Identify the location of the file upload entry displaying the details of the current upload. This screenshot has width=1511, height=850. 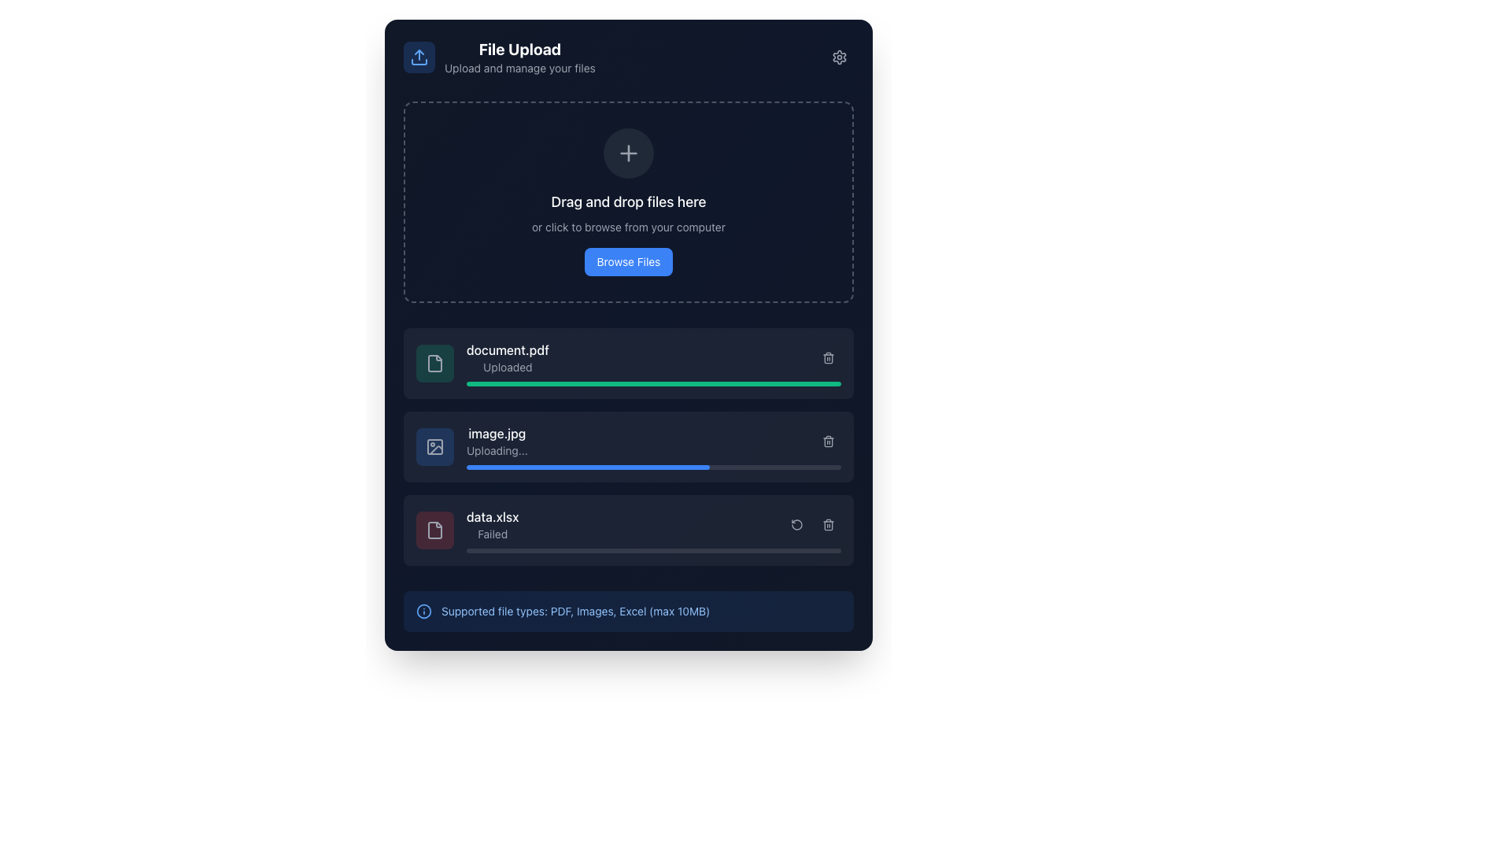
(653, 441).